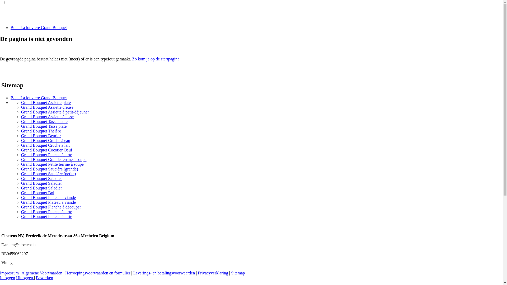 The height and width of the screenshot is (285, 507). What do you see at coordinates (21, 121) in the screenshot?
I see `'Grand Bouquet Tasse haute'` at bounding box center [21, 121].